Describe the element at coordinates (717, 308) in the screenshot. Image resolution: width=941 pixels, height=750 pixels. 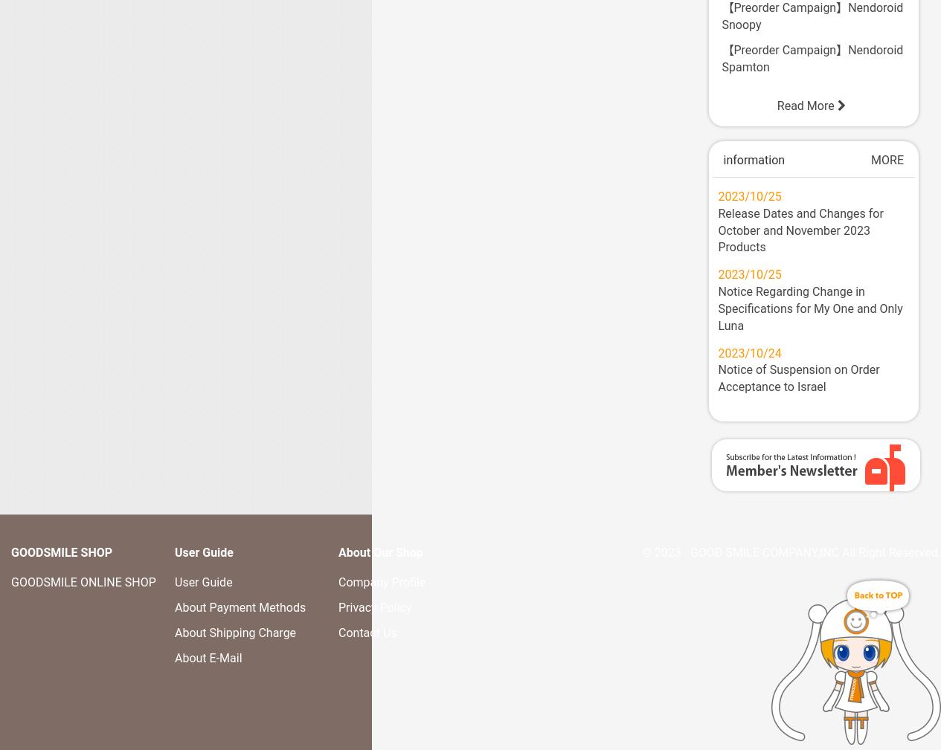
I see `'Notice Regarding Change in Specifications for My One and Only Luna'` at that location.